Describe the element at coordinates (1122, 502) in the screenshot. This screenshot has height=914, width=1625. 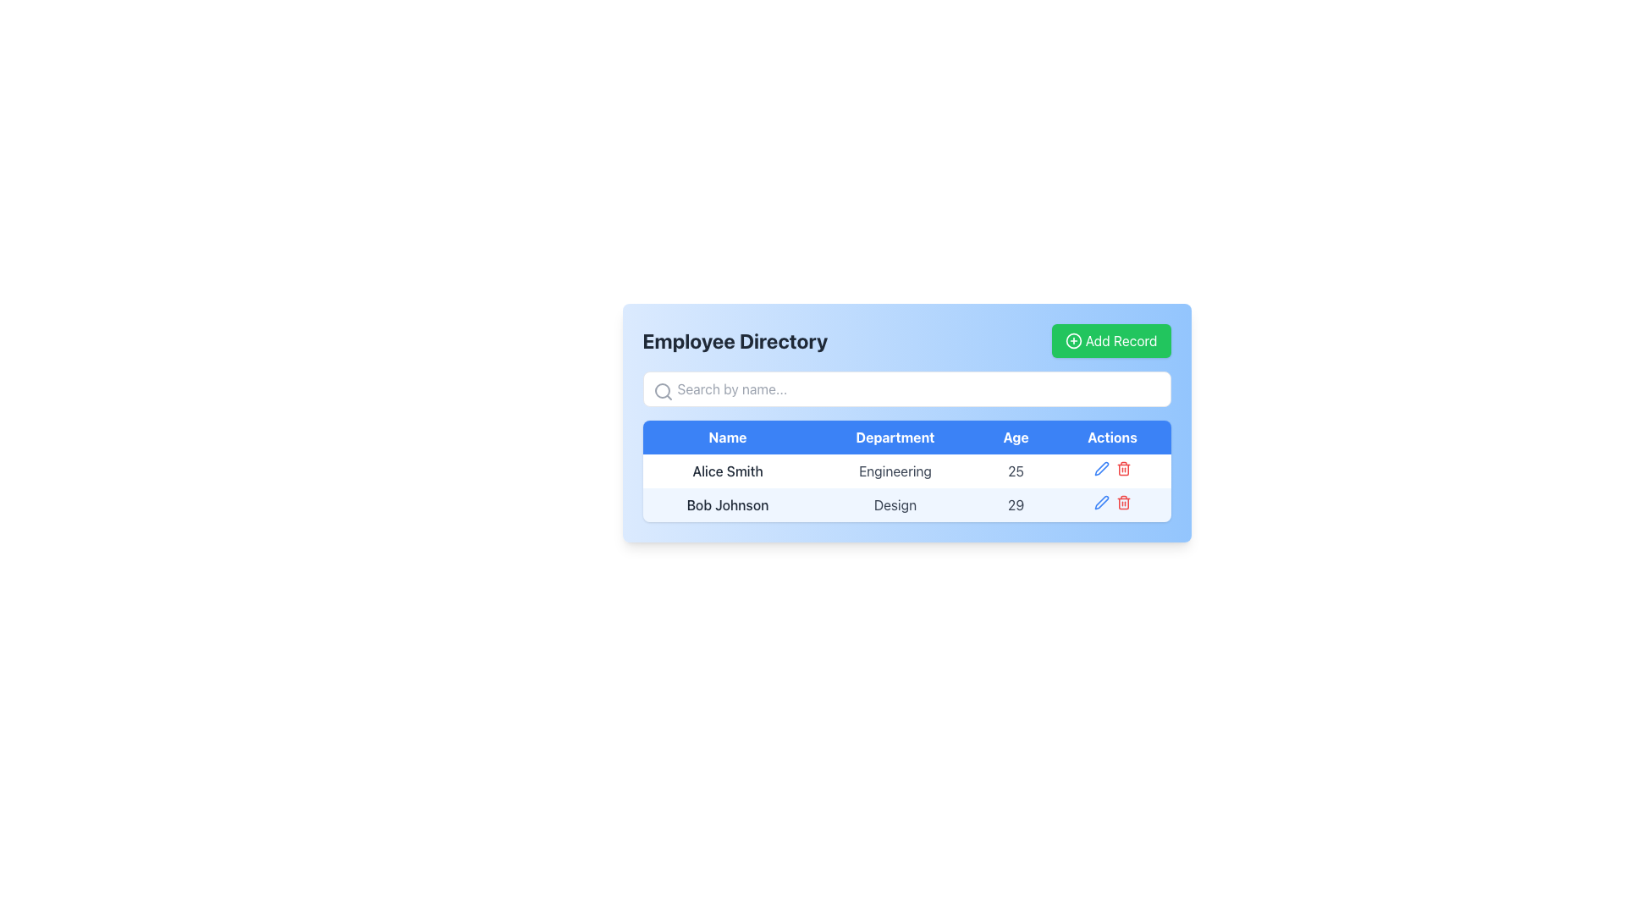
I see `the red trash bin icon in the 'Actions' column of the second row corresponding to 'Bob Johnson' to initiate the delete action` at that location.